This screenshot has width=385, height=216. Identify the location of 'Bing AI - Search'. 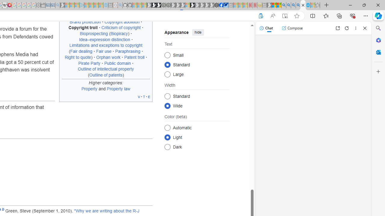
(283, 5).